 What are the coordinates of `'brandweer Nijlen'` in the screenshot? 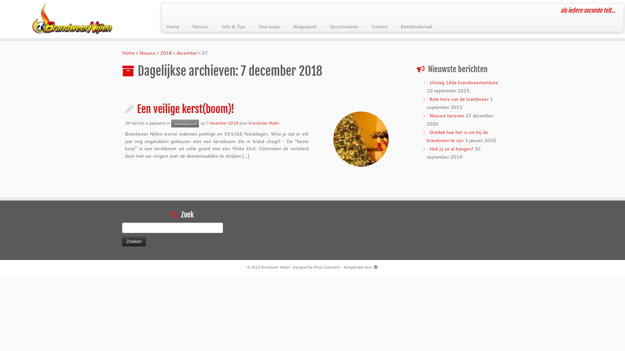 It's located at (264, 123).